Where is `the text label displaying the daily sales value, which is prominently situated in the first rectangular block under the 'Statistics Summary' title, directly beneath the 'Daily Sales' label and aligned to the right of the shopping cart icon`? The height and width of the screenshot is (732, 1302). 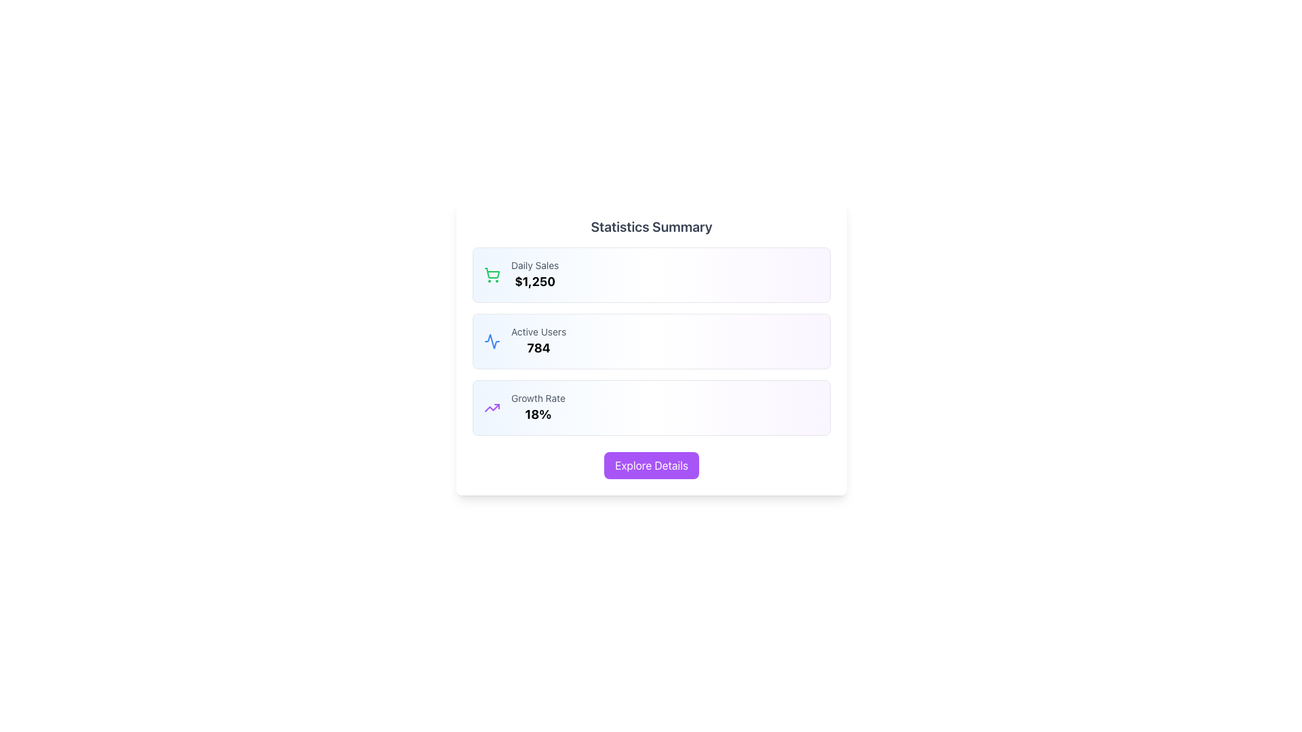 the text label displaying the daily sales value, which is prominently situated in the first rectangular block under the 'Statistics Summary' title, directly beneath the 'Daily Sales' label and aligned to the right of the shopping cart icon is located at coordinates (534, 281).